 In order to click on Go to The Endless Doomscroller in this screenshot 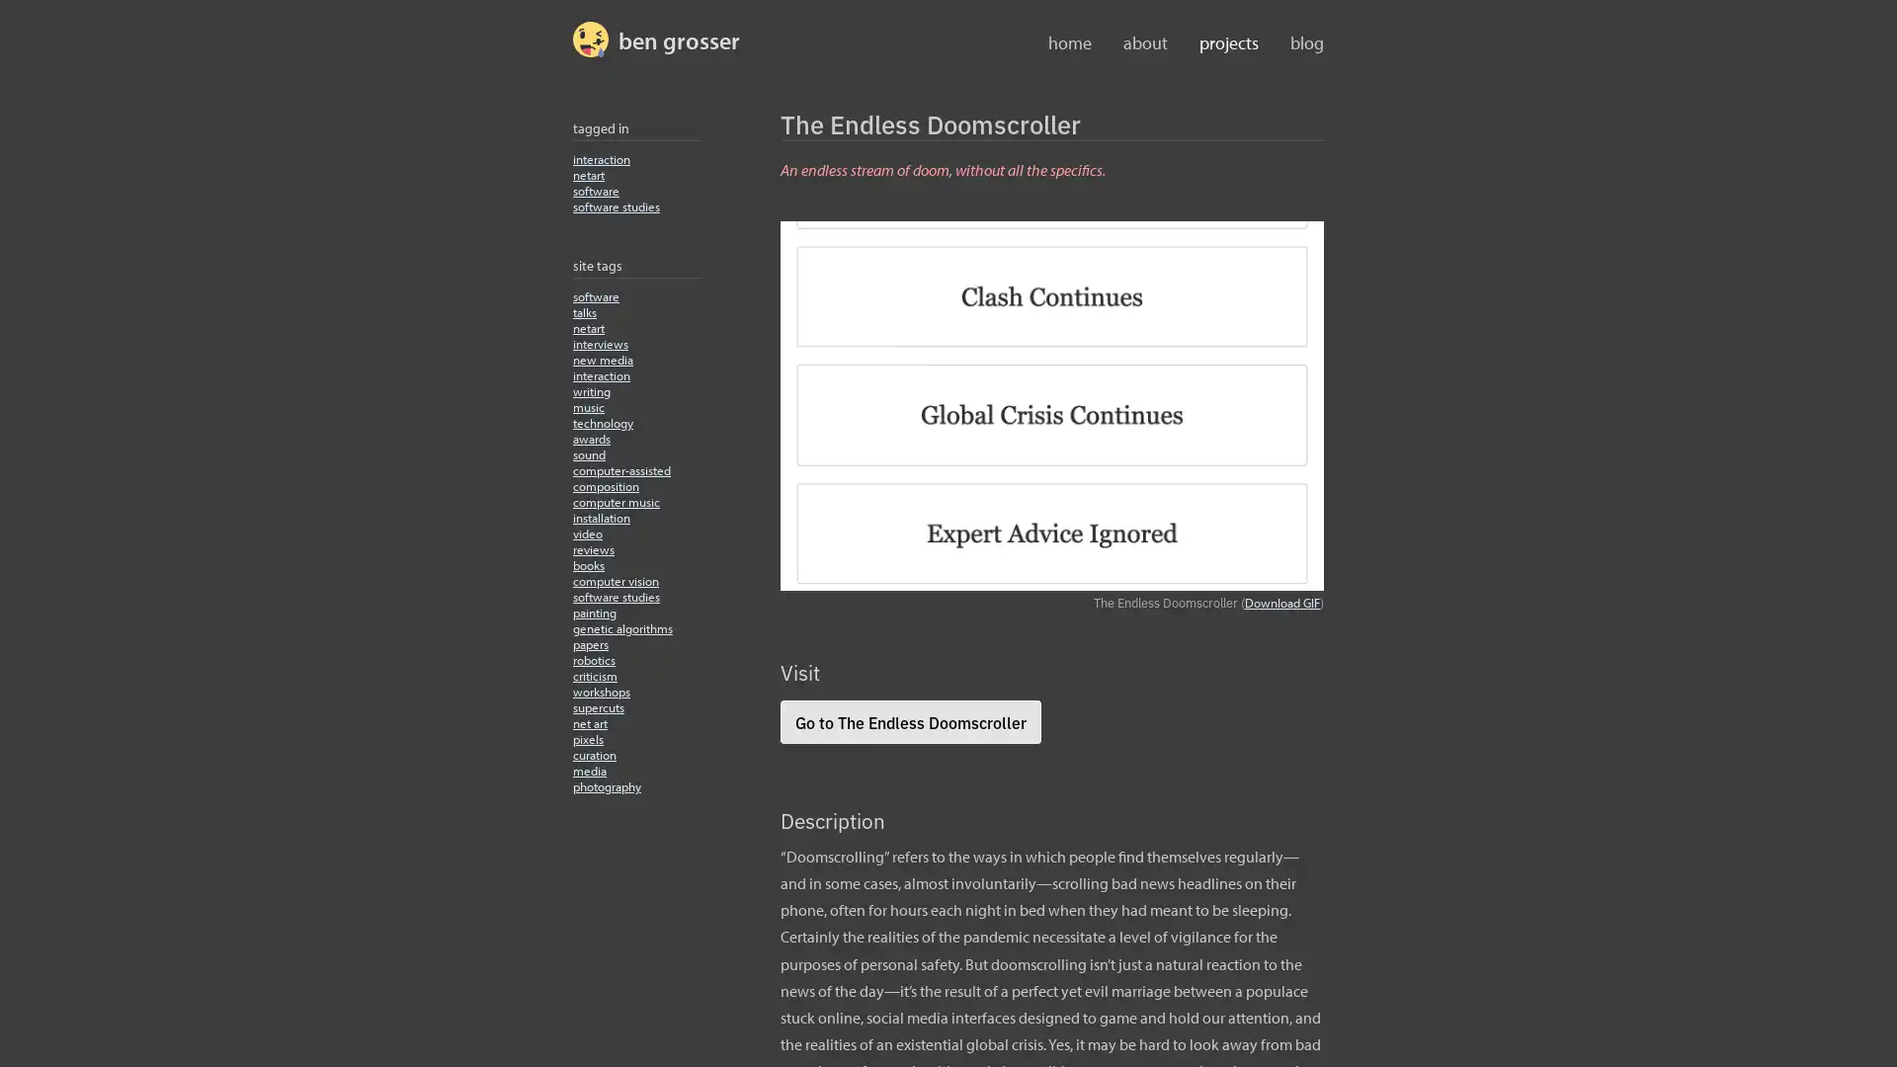, I will do `click(909, 720)`.